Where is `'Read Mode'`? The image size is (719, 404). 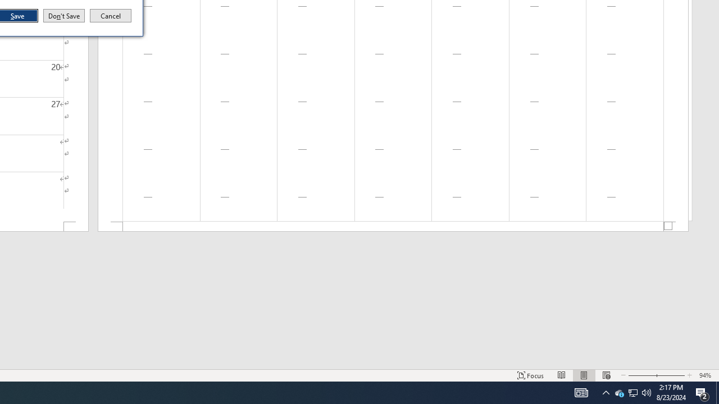
'Read Mode' is located at coordinates (562, 375).